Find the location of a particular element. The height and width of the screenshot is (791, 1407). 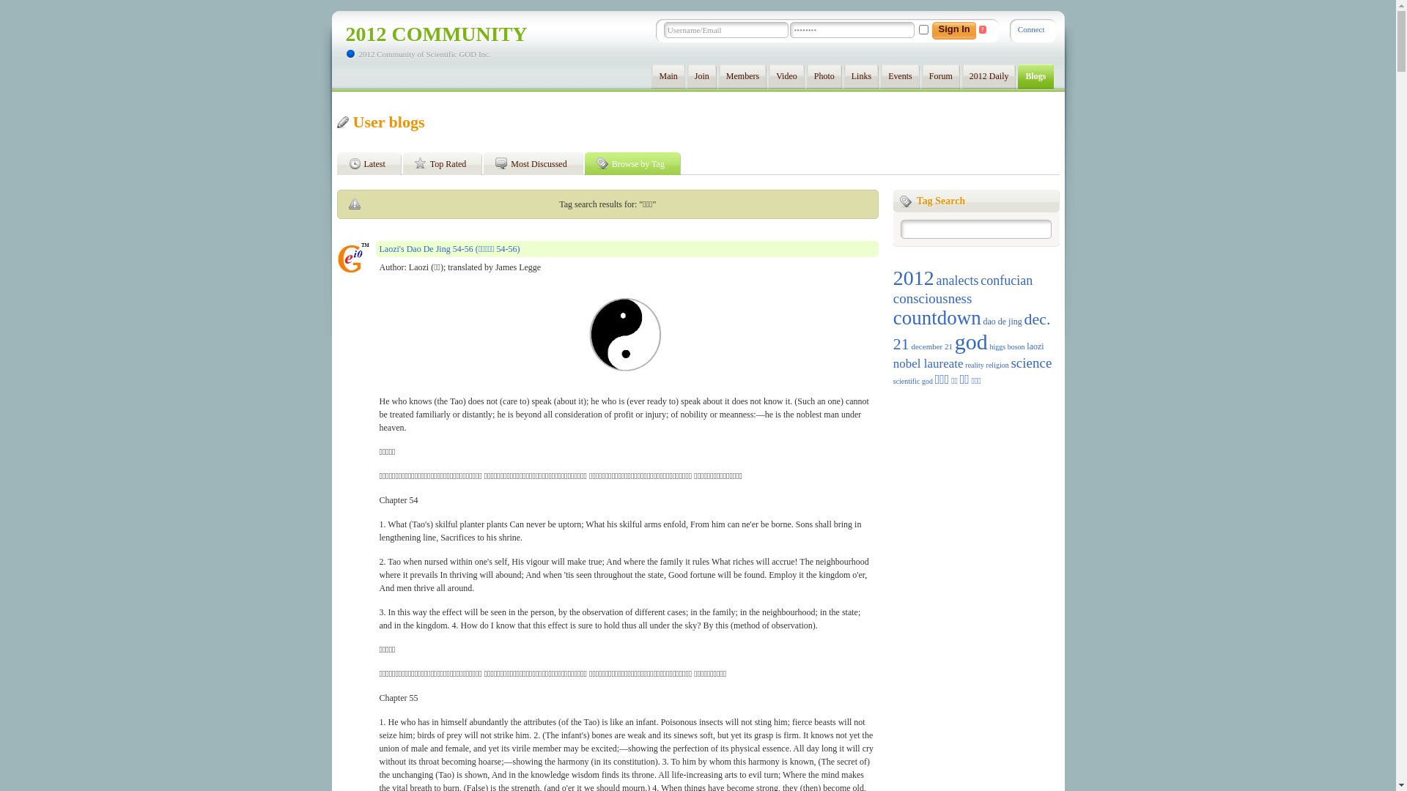

'Join' is located at coordinates (701, 76).